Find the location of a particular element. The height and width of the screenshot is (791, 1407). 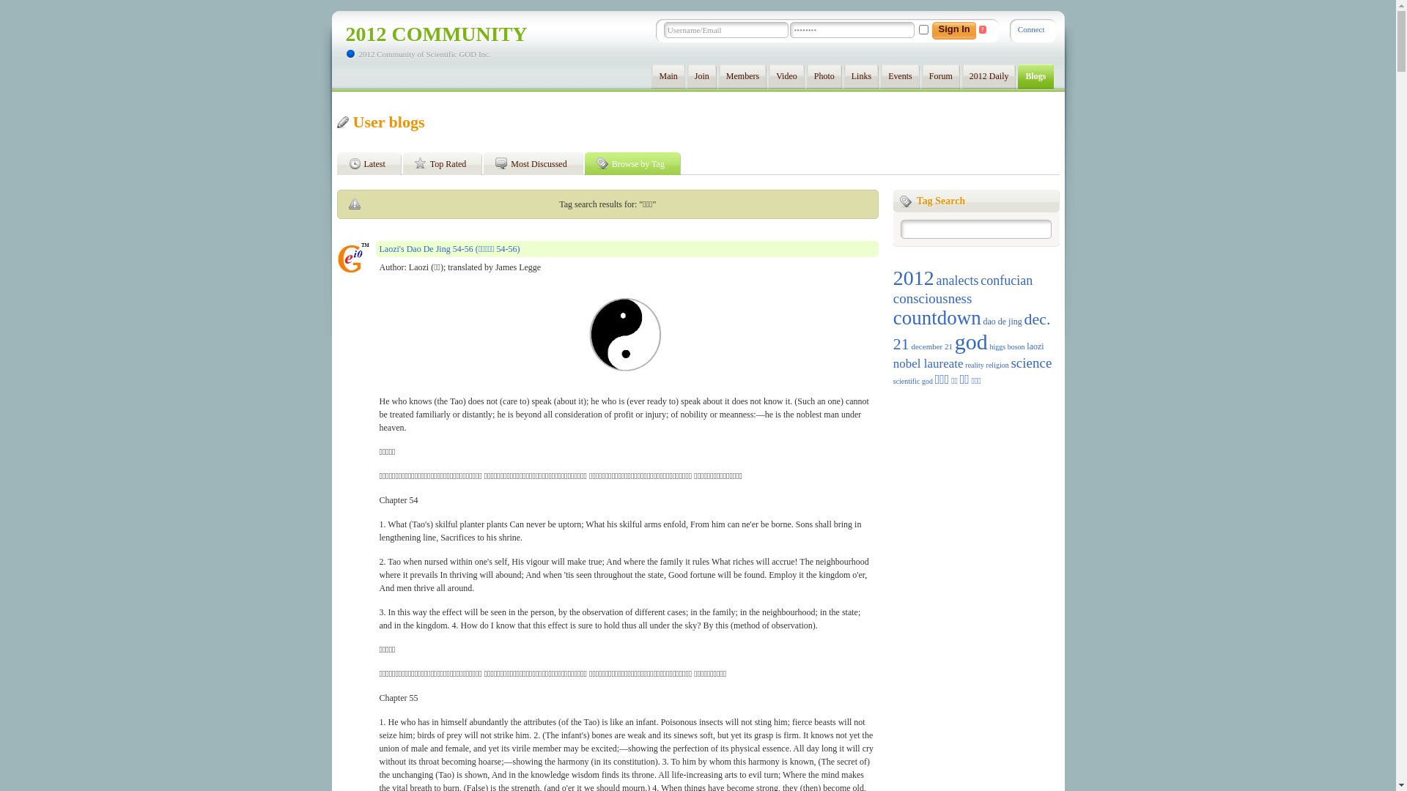

'Join' is located at coordinates (701, 76).